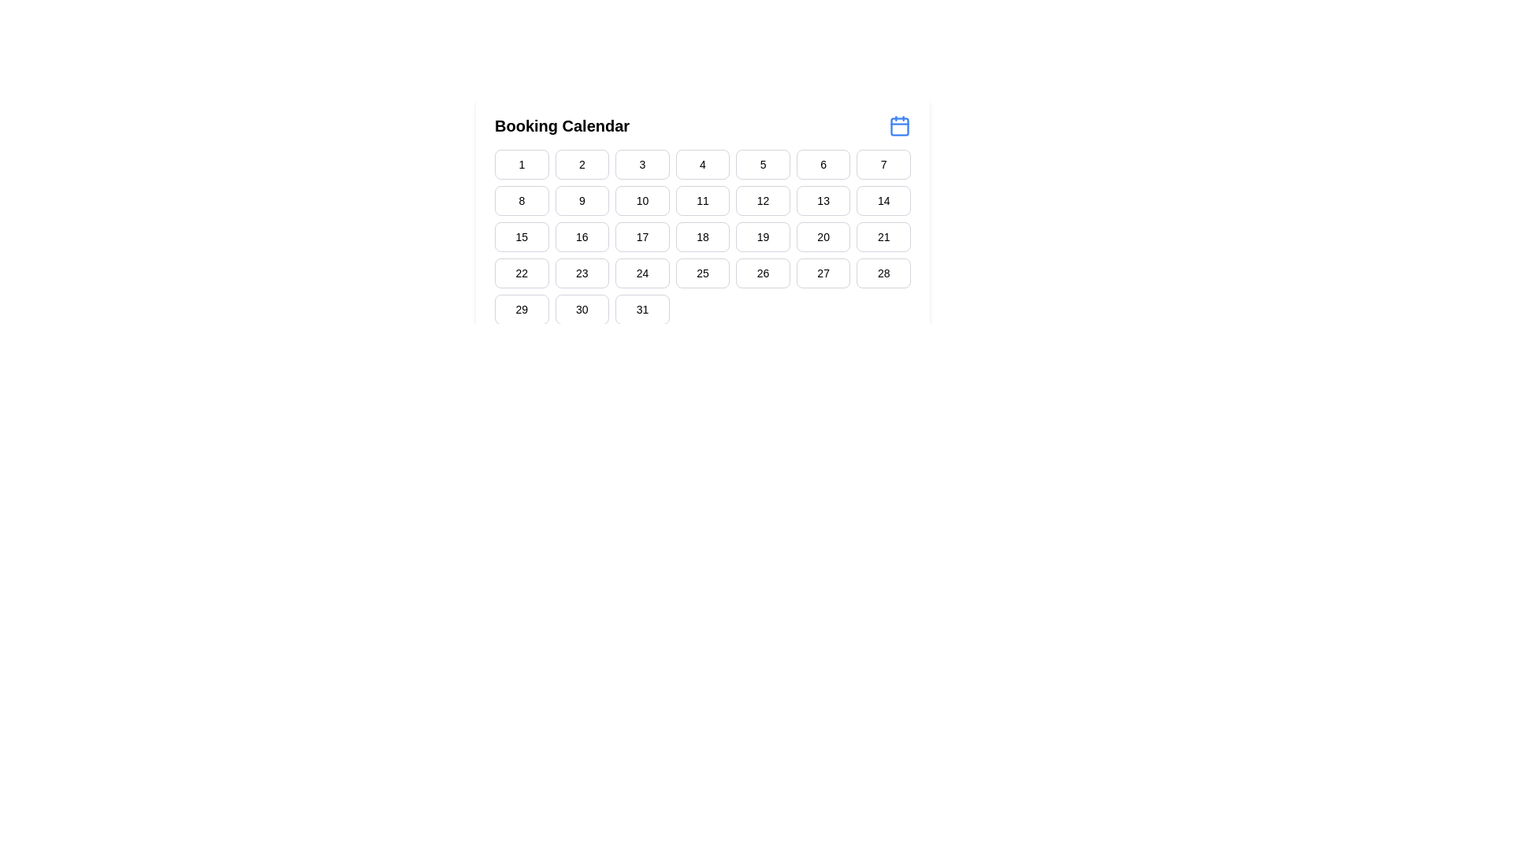 The width and height of the screenshot is (1513, 851). What do you see at coordinates (642, 310) in the screenshot?
I see `the button labeled '31' located in the bottom-right corner of the grid` at bounding box center [642, 310].